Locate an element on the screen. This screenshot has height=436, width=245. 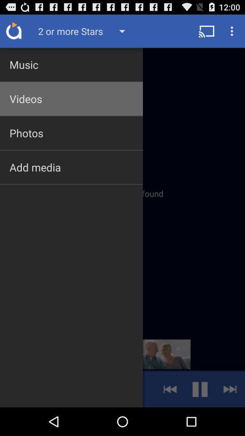
the skip_next icon is located at coordinates (230, 416).